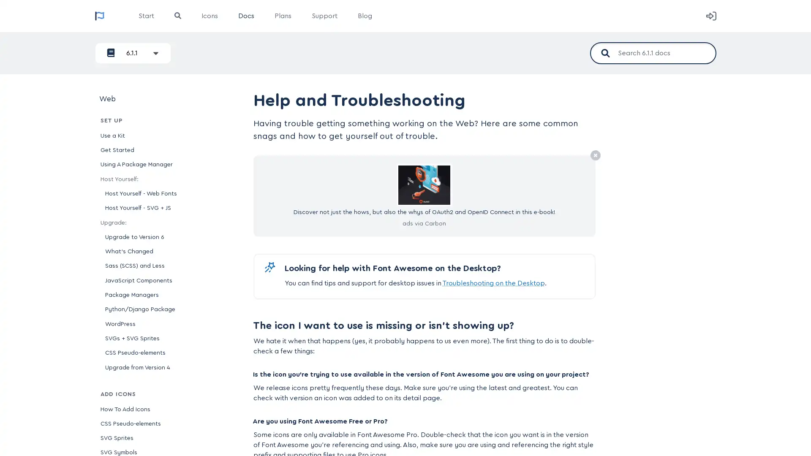  What do you see at coordinates (595, 156) in the screenshot?
I see `Remove Ad` at bounding box center [595, 156].